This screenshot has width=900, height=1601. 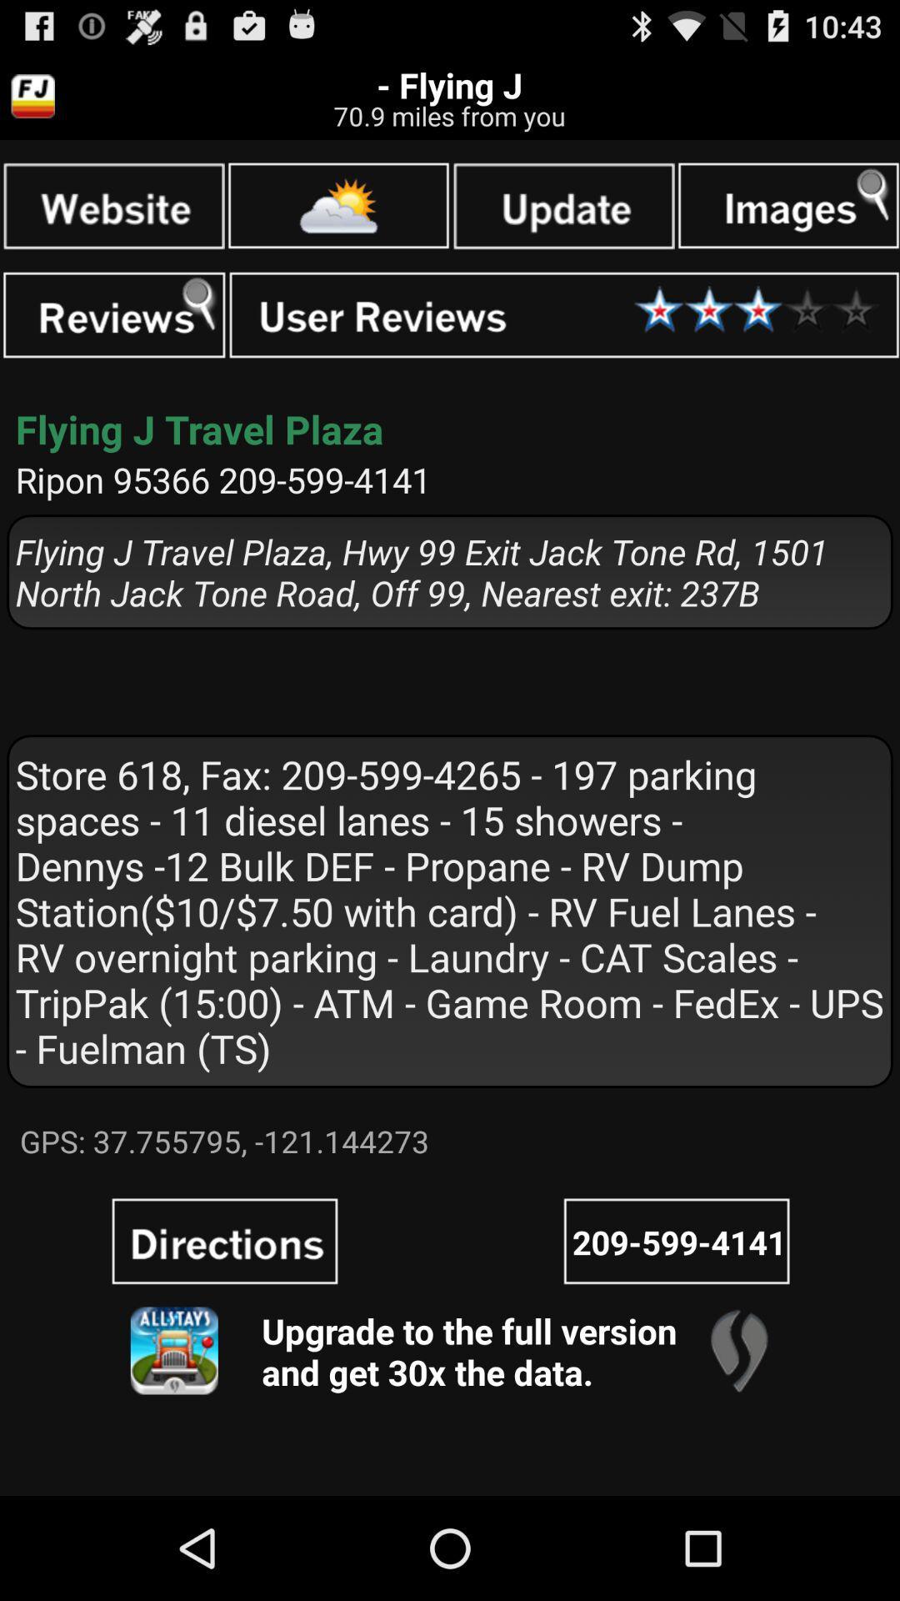 What do you see at coordinates (337, 204) in the screenshot?
I see `weather` at bounding box center [337, 204].